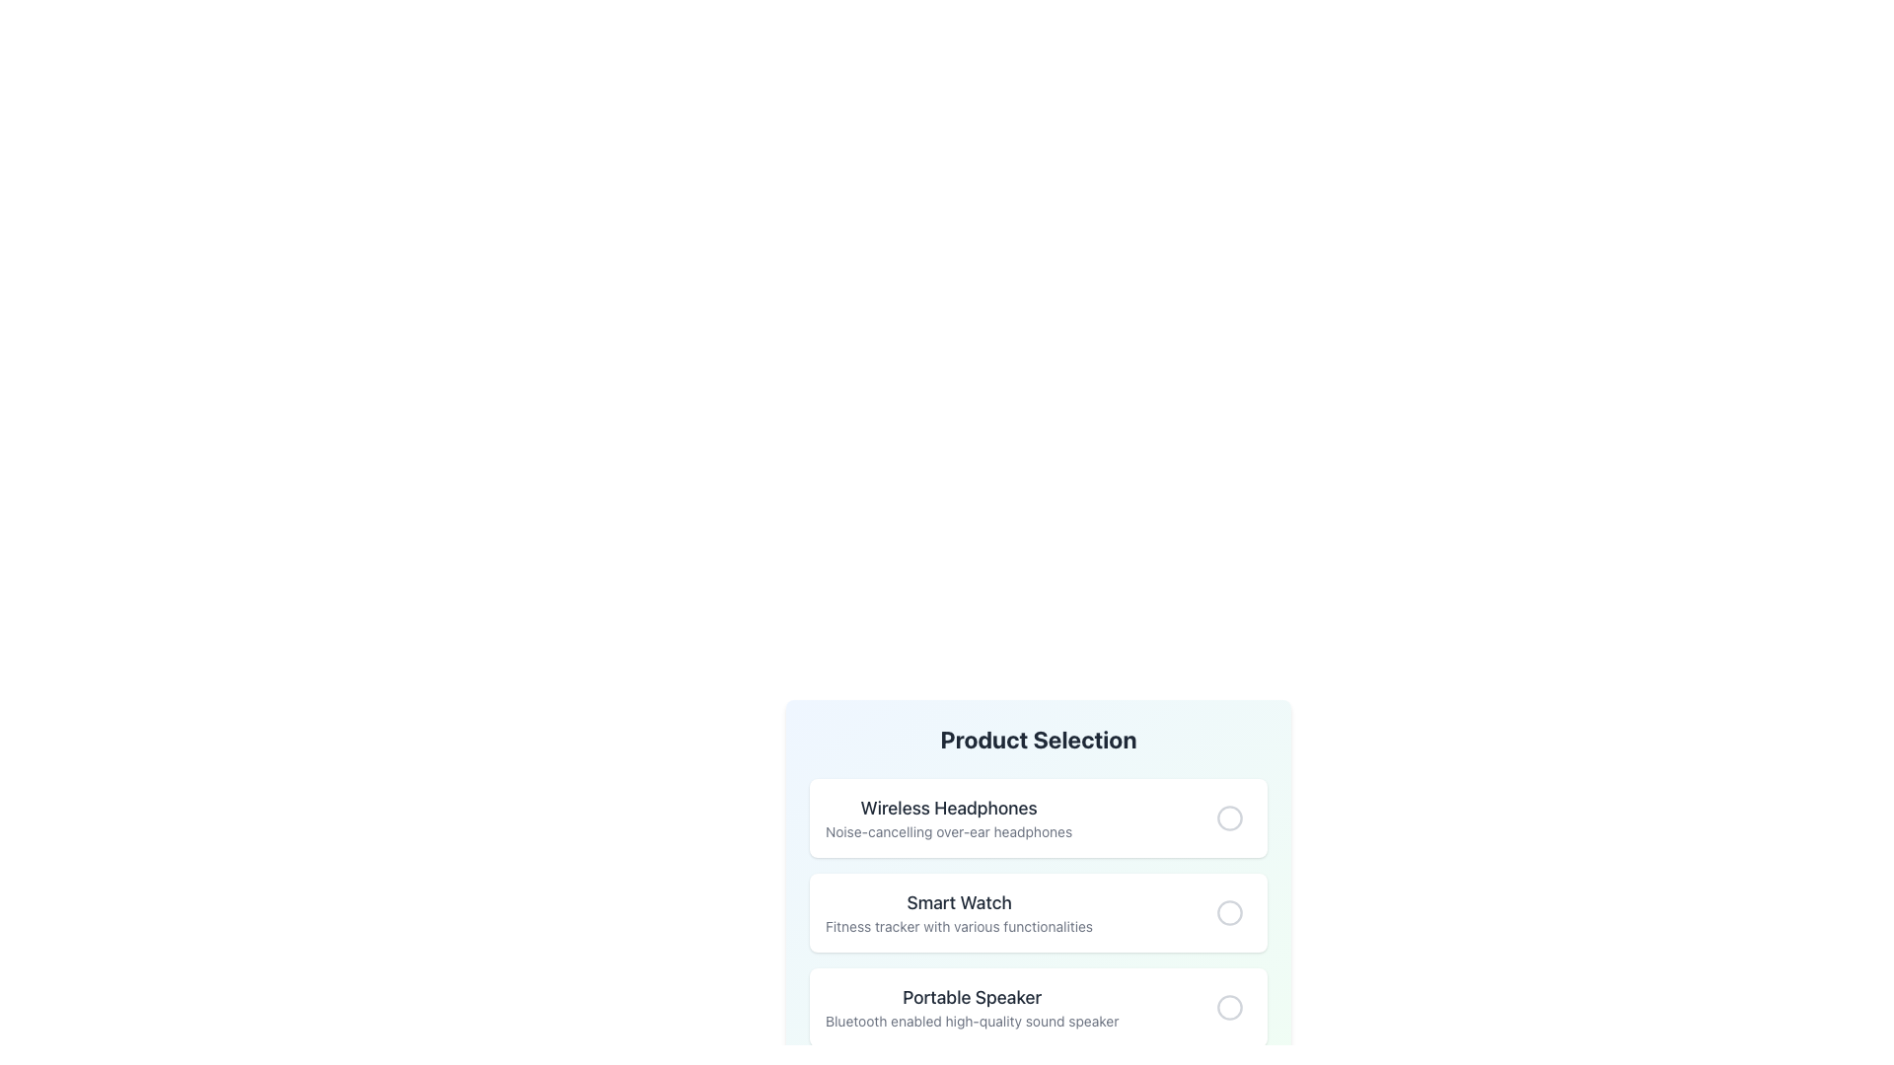  Describe the element at coordinates (972, 1008) in the screenshot. I see `the Text Block that serves as an identifier and description for the third product in the 'Product Selection' list` at that location.